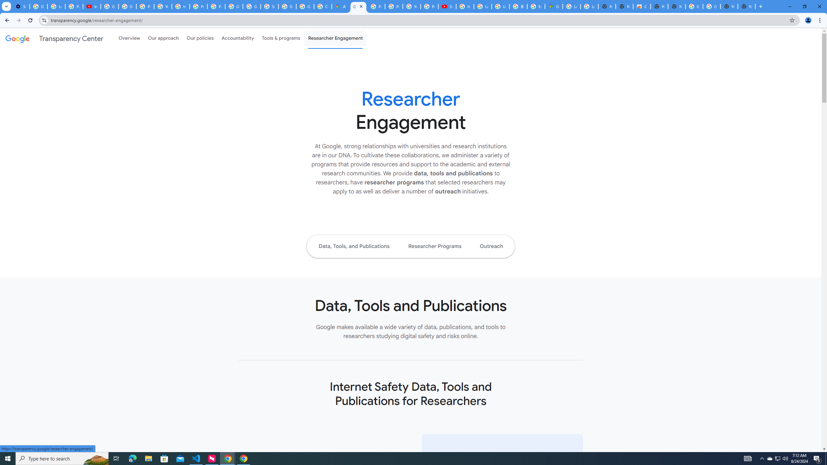  What do you see at coordinates (358, 6) in the screenshot?
I see `'Google Researcher Engagement - Transparency Center'` at bounding box center [358, 6].